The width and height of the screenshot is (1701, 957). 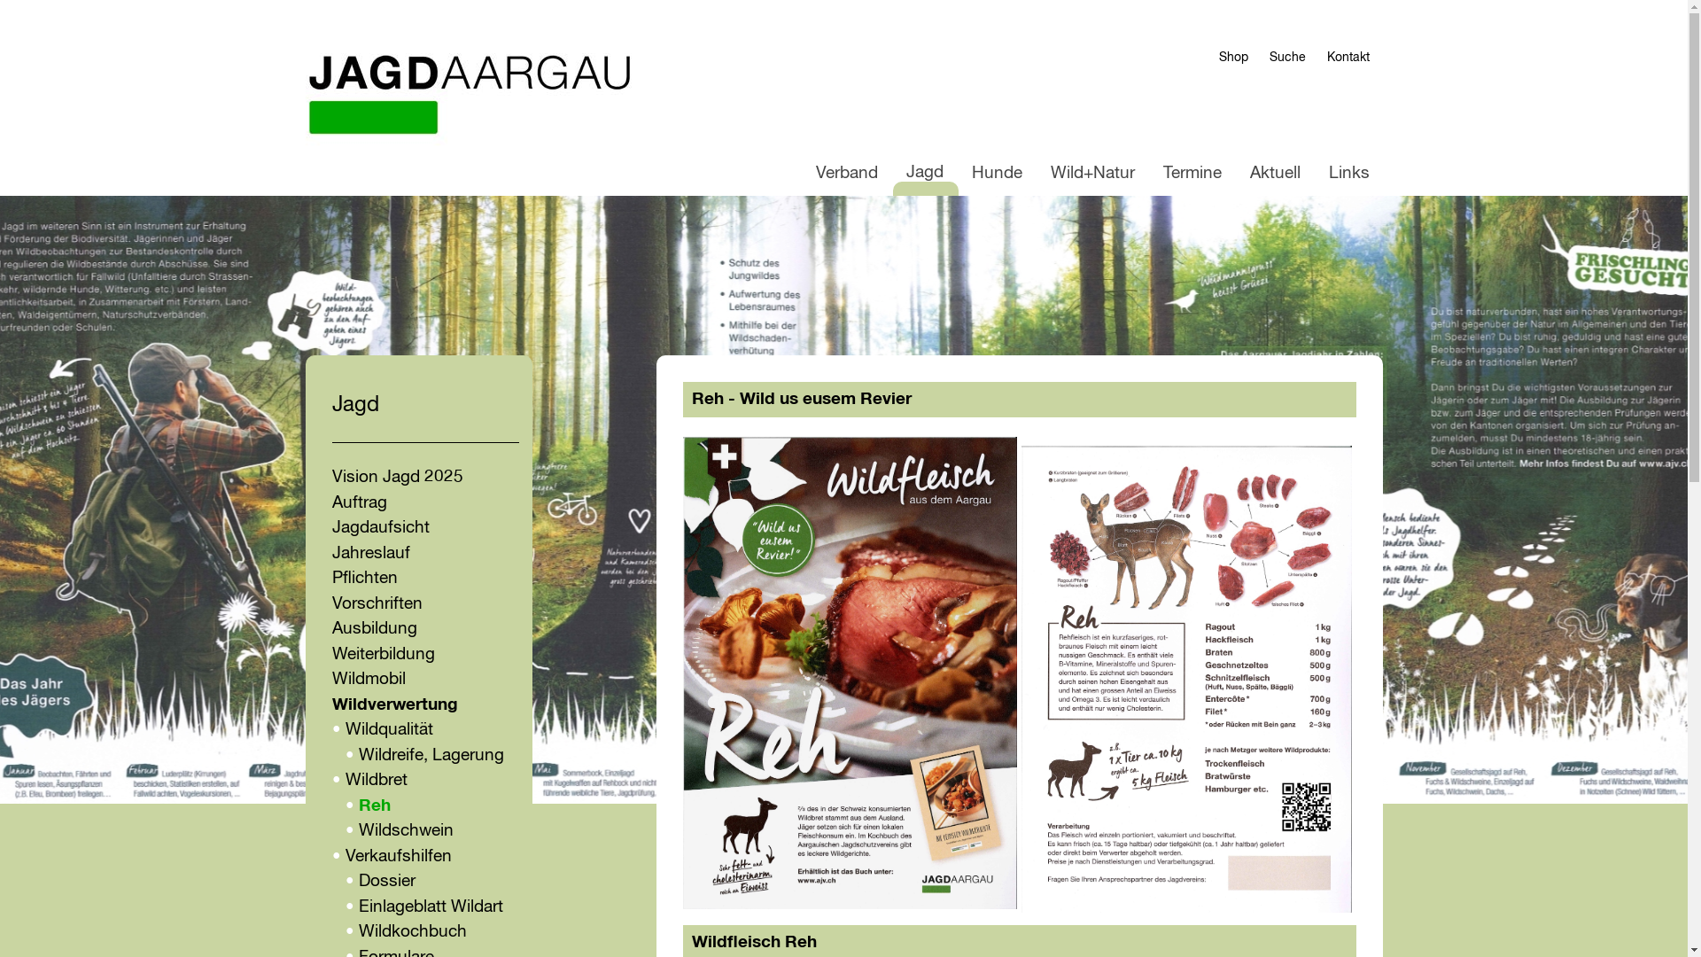 What do you see at coordinates (395, 476) in the screenshot?
I see `'Vision Jagd 2025'` at bounding box center [395, 476].